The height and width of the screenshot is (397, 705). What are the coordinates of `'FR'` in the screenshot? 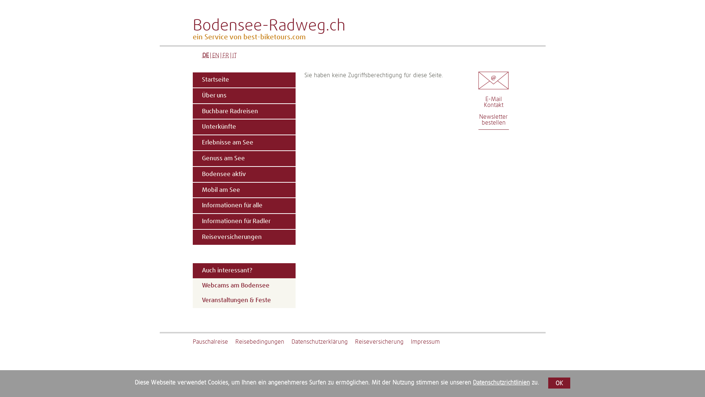 It's located at (225, 55).